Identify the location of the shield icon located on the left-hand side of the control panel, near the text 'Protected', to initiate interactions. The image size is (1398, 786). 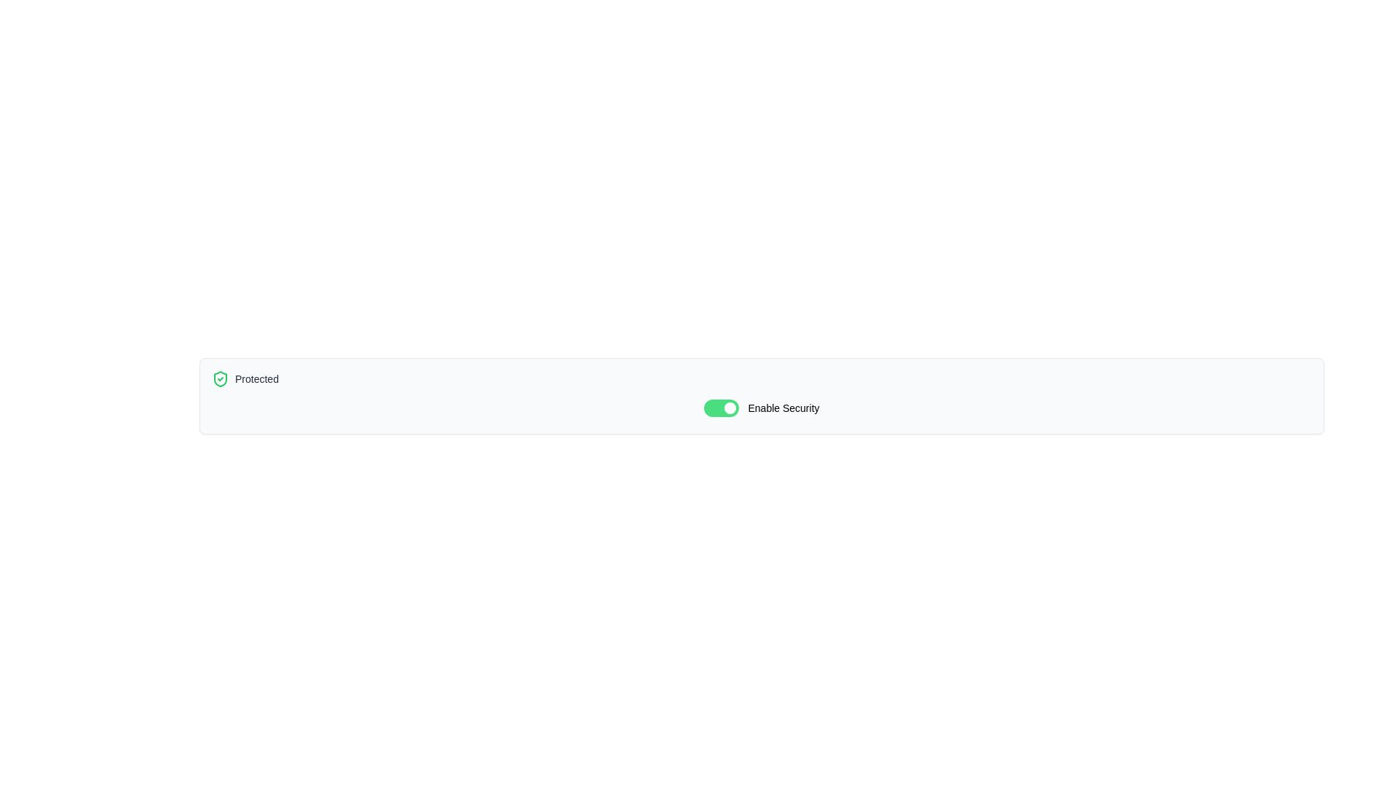
(219, 378).